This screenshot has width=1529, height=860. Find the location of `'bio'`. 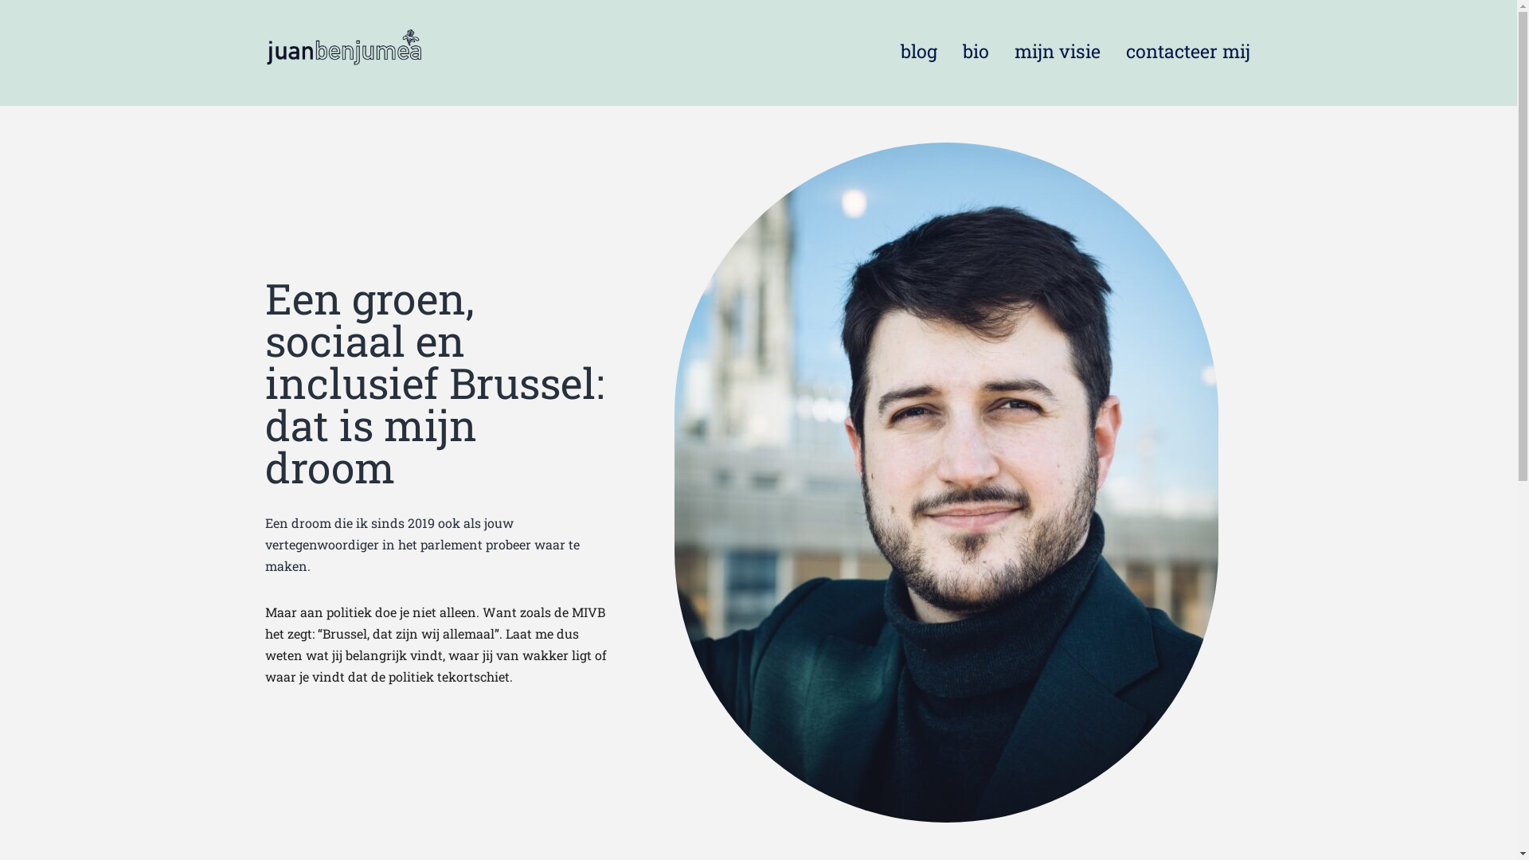

'bio' is located at coordinates (975, 50).